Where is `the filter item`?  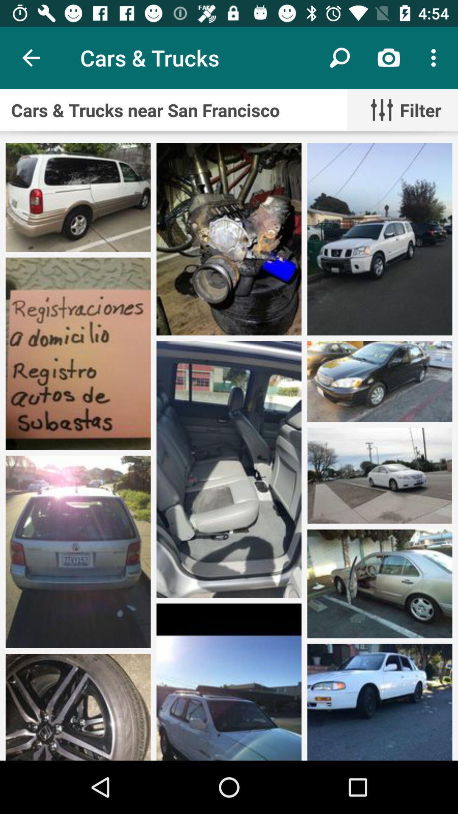 the filter item is located at coordinates (402, 109).